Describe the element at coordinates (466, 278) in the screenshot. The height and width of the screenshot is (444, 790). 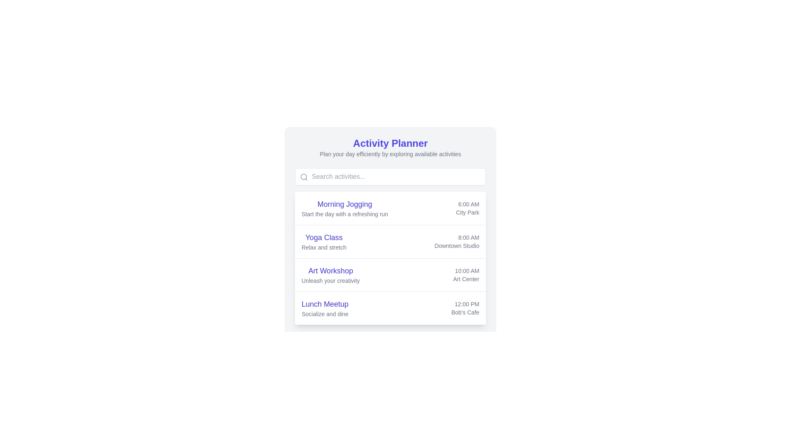
I see `the text label indicating the location of the 'Art Workshop', which is positioned below '10:00 AM' in the planner interface` at that location.